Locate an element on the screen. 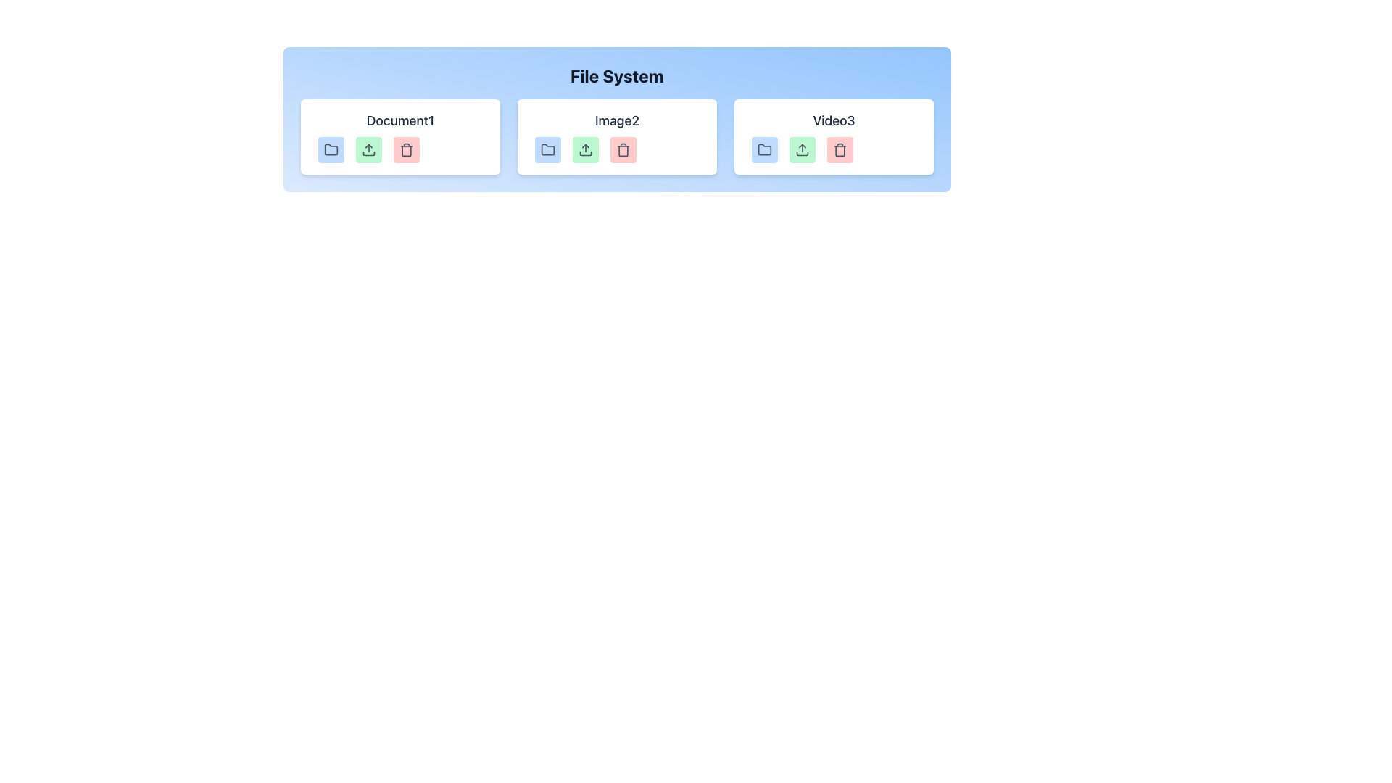 This screenshot has height=783, width=1392. the delete Icon button located at the lower right side of the 'Image2' module is located at coordinates (623, 150).